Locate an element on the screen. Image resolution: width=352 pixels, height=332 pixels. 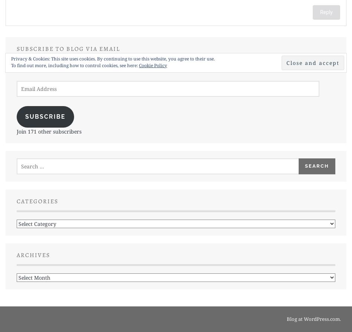
'Categories' is located at coordinates (37, 201).